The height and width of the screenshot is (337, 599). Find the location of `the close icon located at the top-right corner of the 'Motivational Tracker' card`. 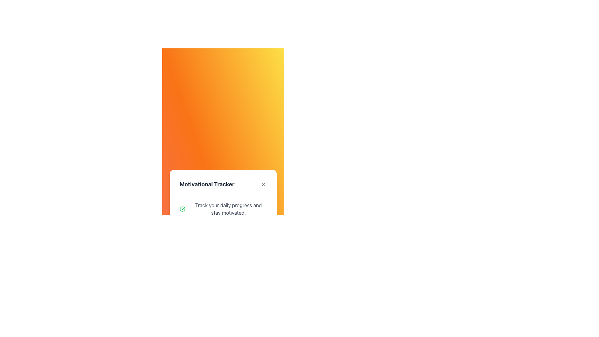

the close icon located at the top-right corner of the 'Motivational Tracker' card is located at coordinates (263, 184).